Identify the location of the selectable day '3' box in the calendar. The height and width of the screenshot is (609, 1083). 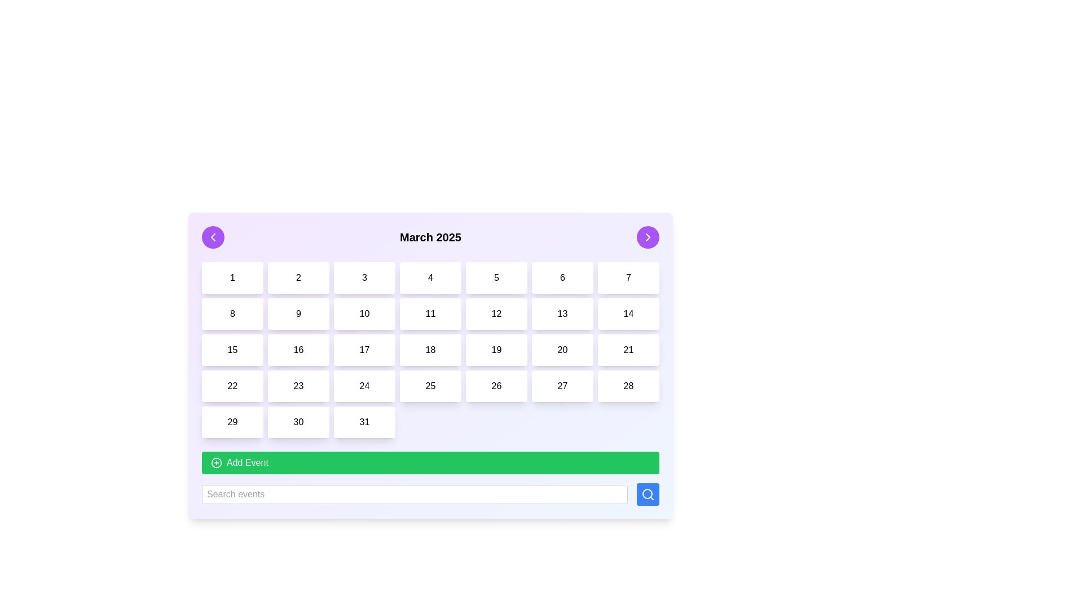
(364, 278).